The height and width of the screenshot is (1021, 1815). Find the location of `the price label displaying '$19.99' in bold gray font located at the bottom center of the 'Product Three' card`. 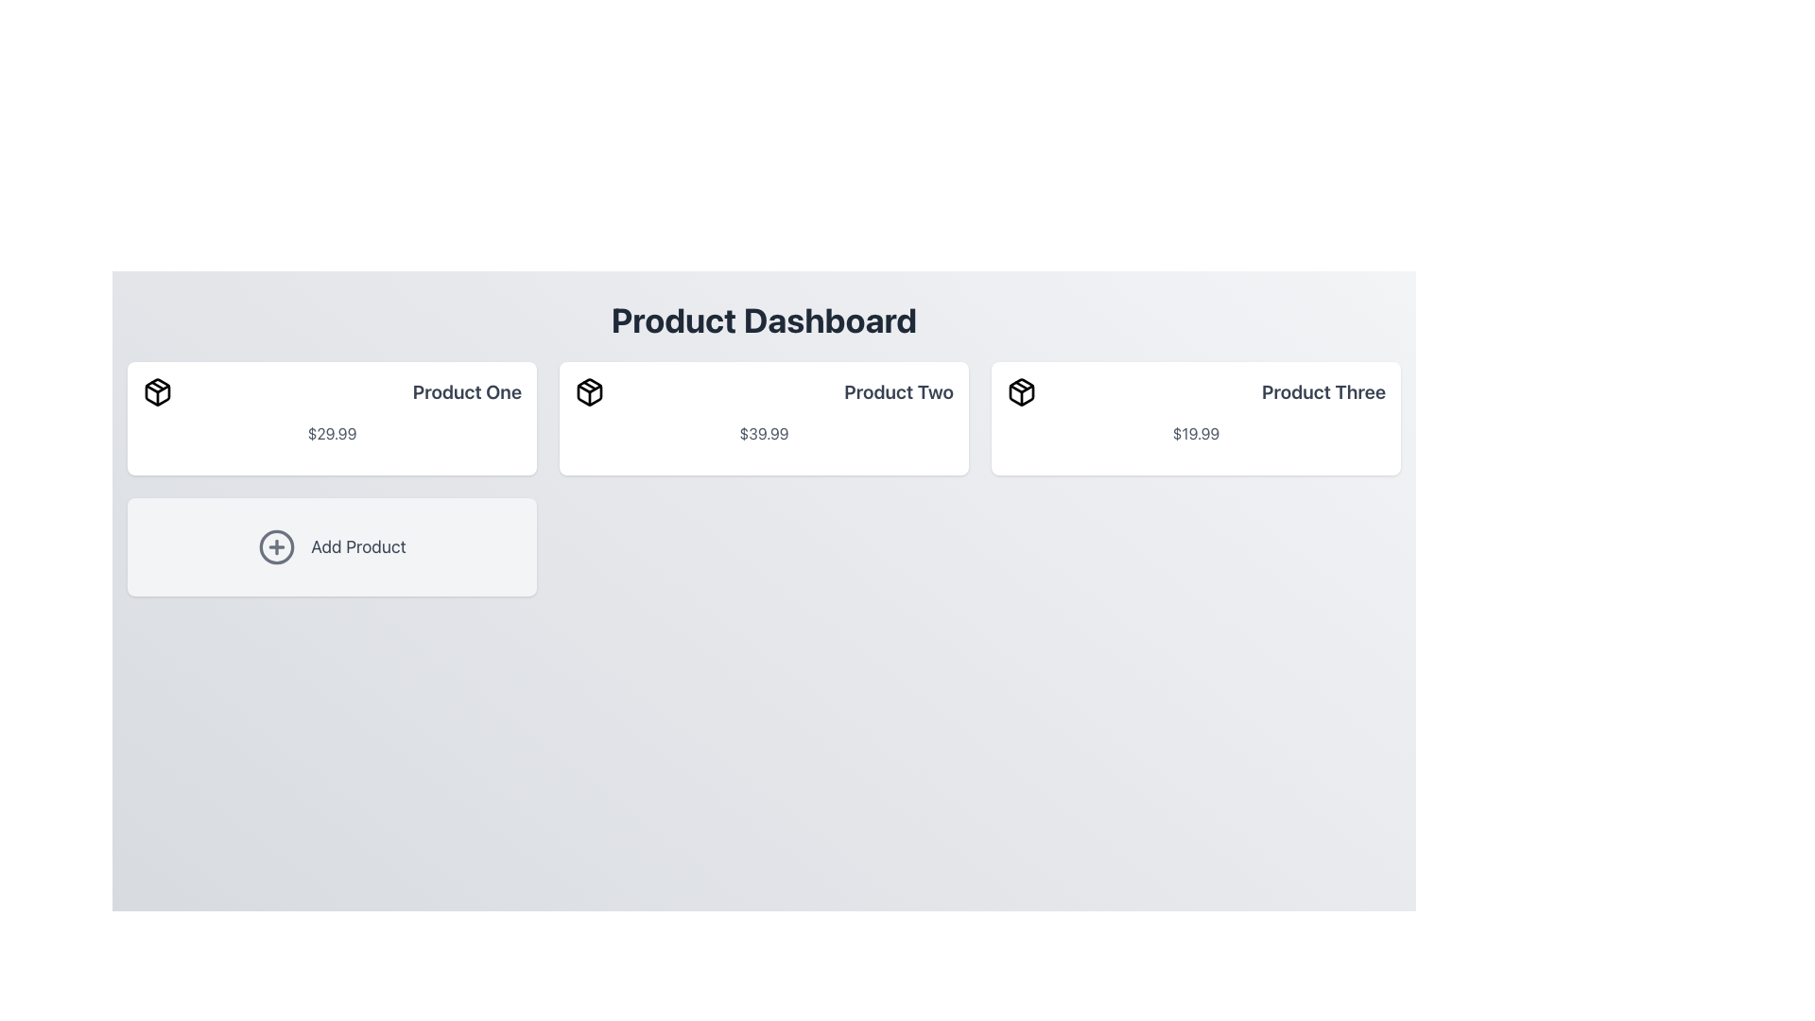

the price label displaying '$19.99' in bold gray font located at the bottom center of the 'Product Three' card is located at coordinates (1195, 434).